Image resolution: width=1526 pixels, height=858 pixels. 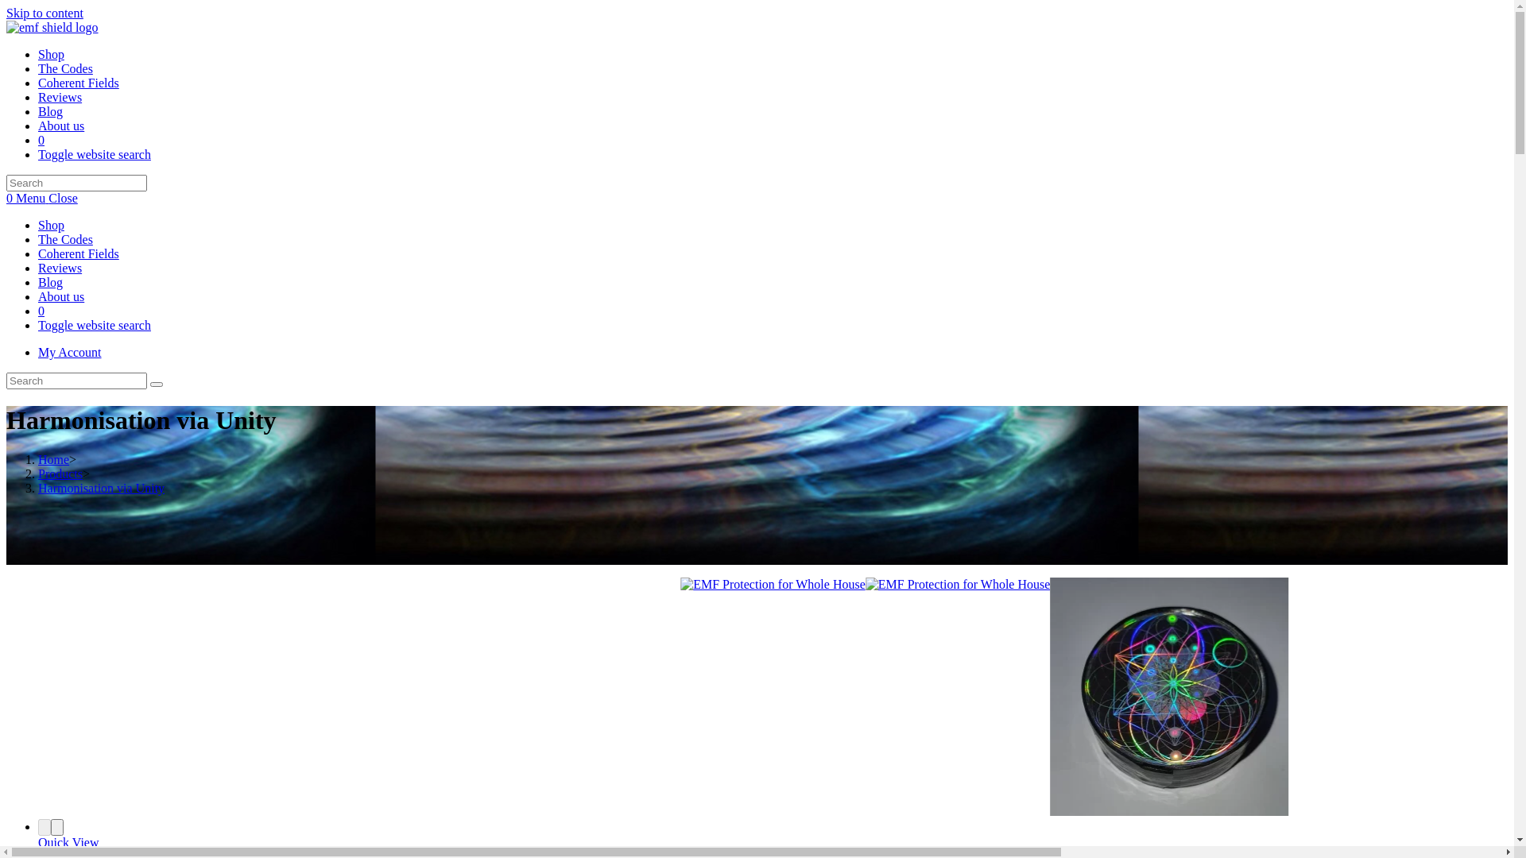 What do you see at coordinates (46, 197) in the screenshot?
I see `'Menu Close'` at bounding box center [46, 197].